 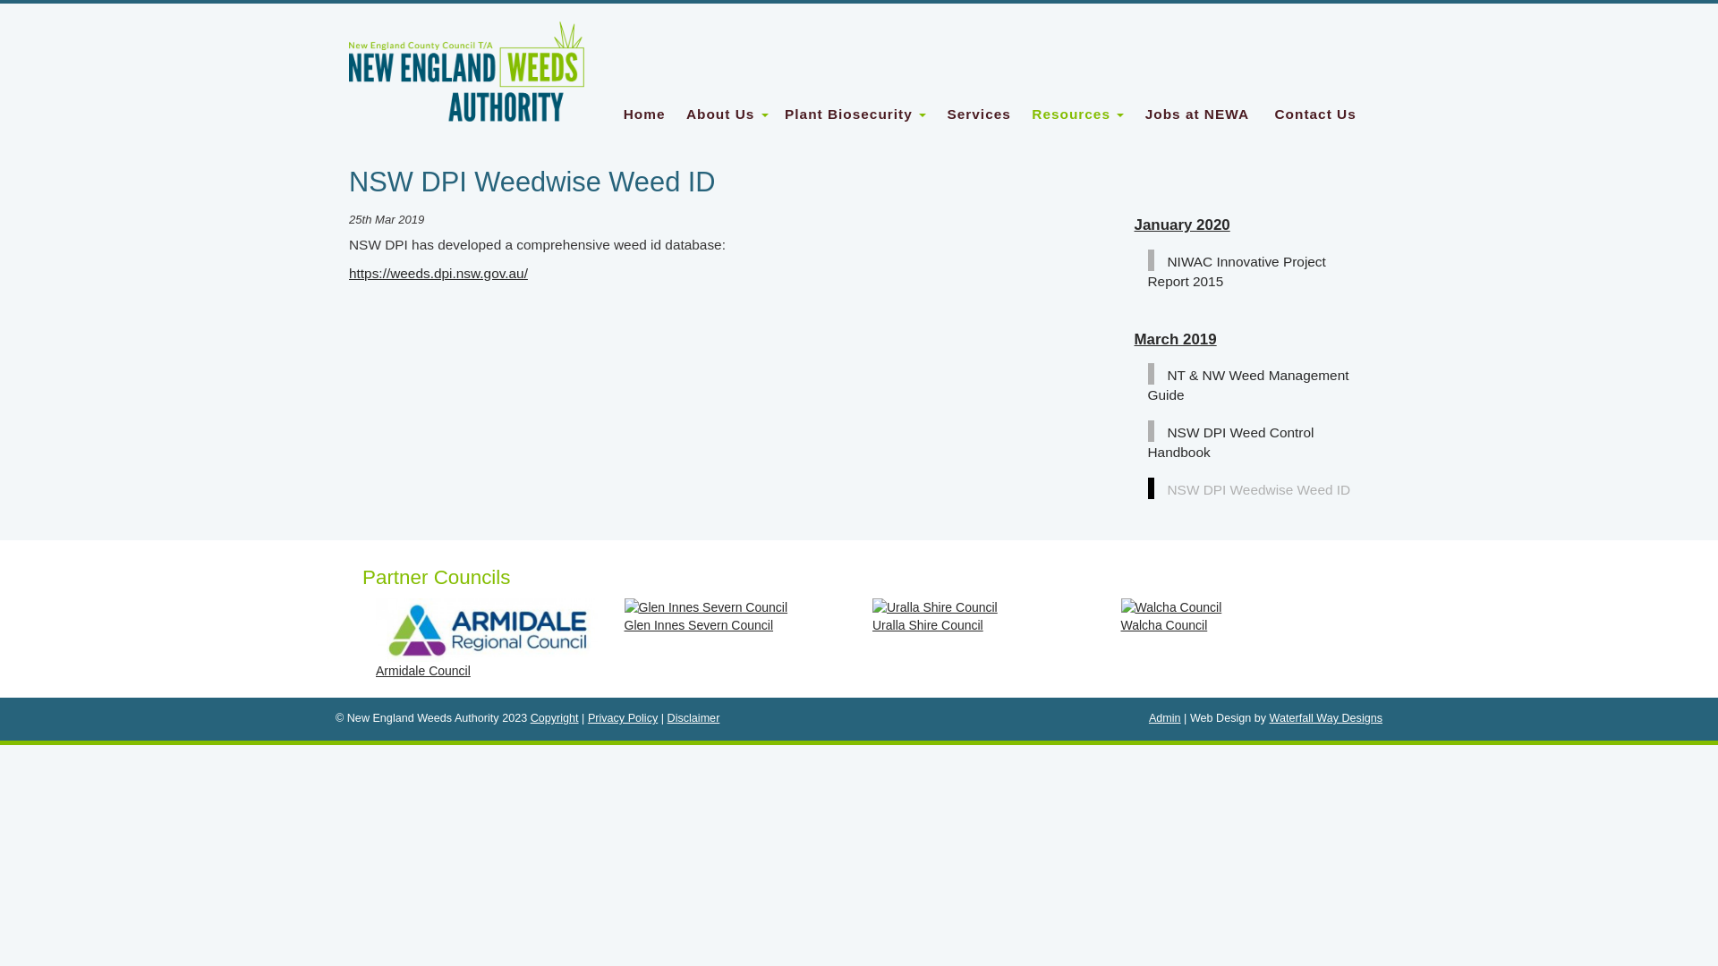 I want to click on 'https://weeds.dpi.nsw.gov.au/', so click(x=438, y=273).